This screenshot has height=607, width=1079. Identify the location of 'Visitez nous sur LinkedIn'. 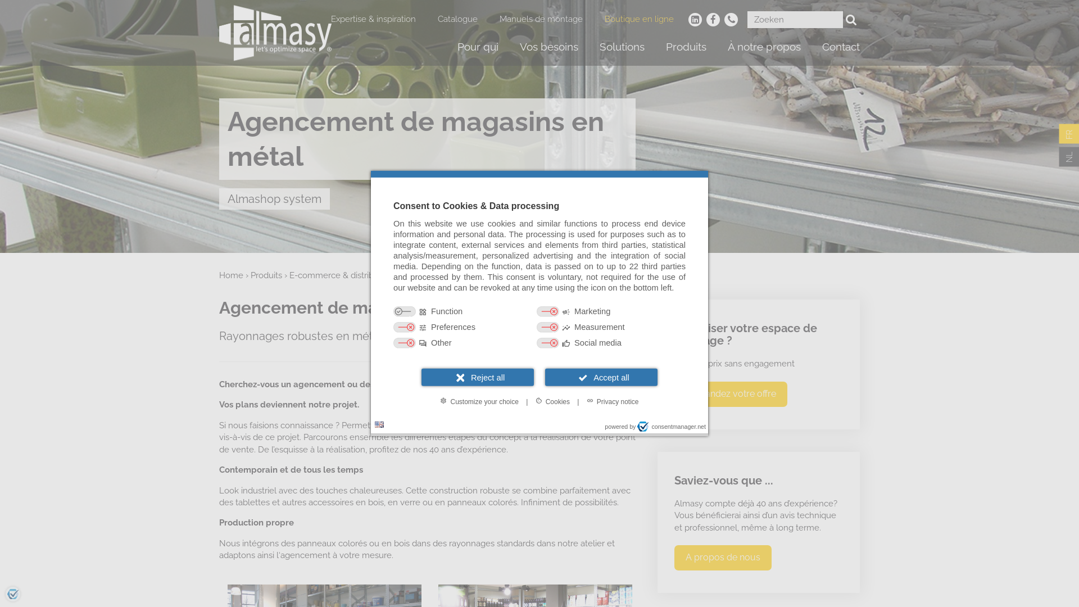
(695, 19).